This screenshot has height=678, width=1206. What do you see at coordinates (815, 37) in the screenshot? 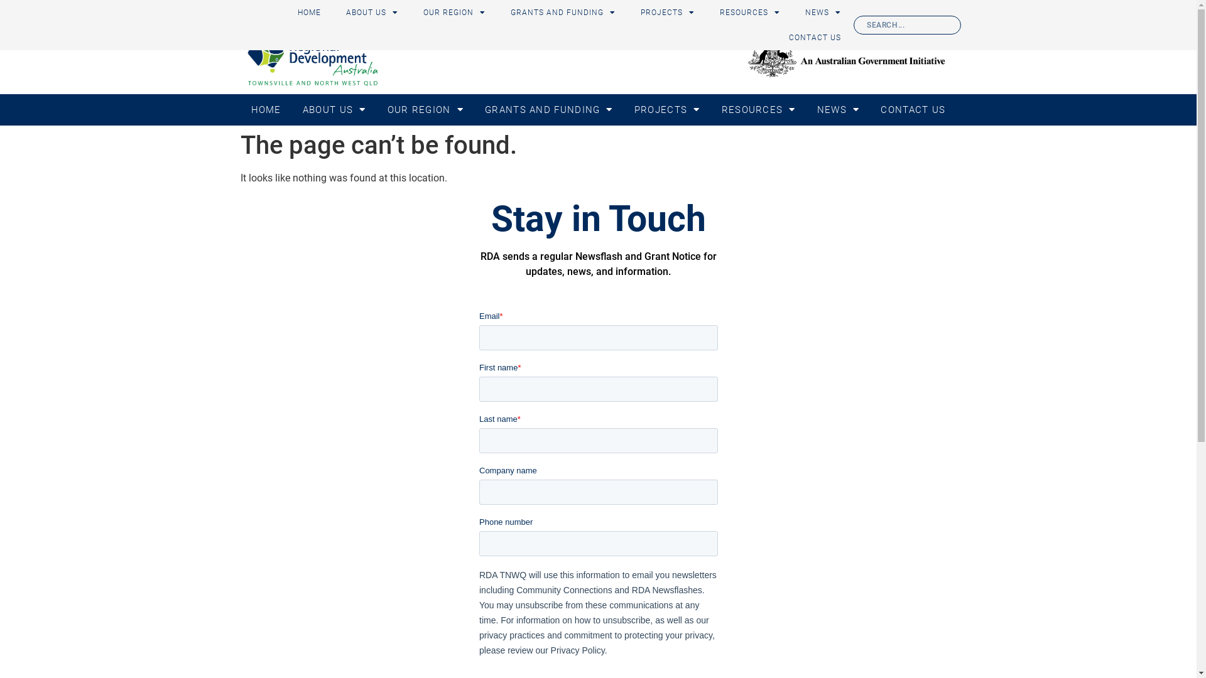
I see `'CONTACT US'` at bounding box center [815, 37].